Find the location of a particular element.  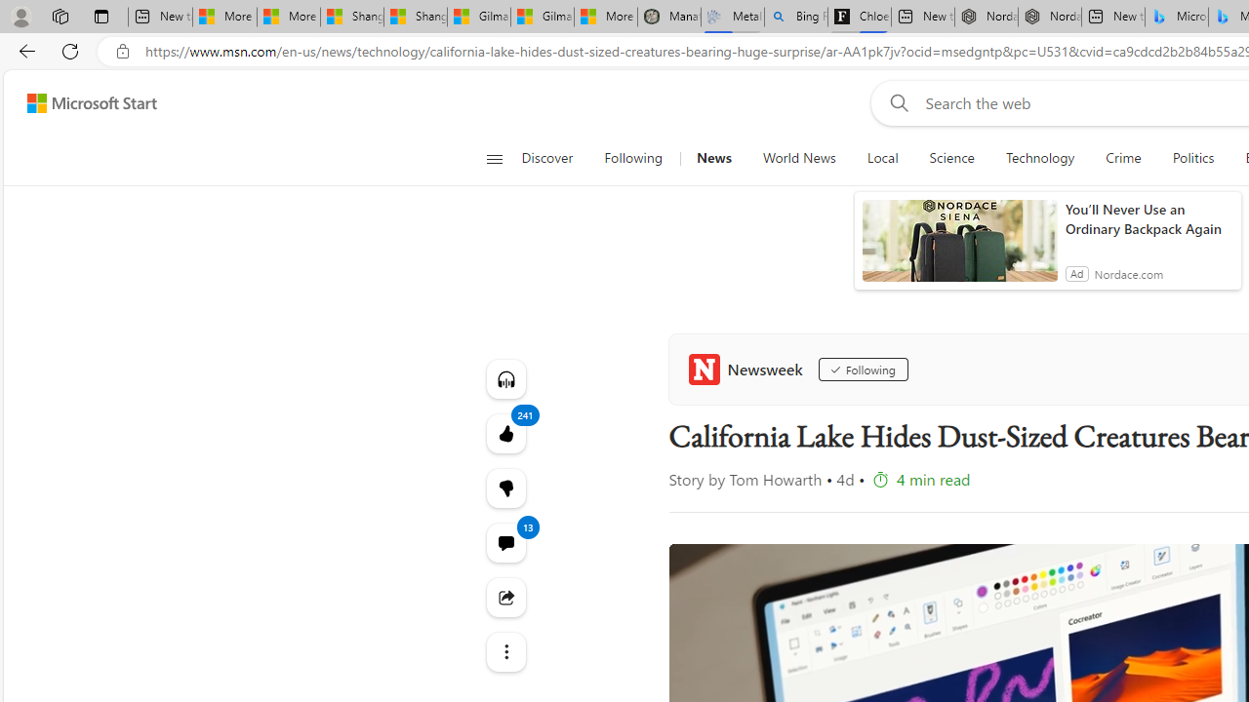

'Listen to this article' is located at coordinates (505, 378).